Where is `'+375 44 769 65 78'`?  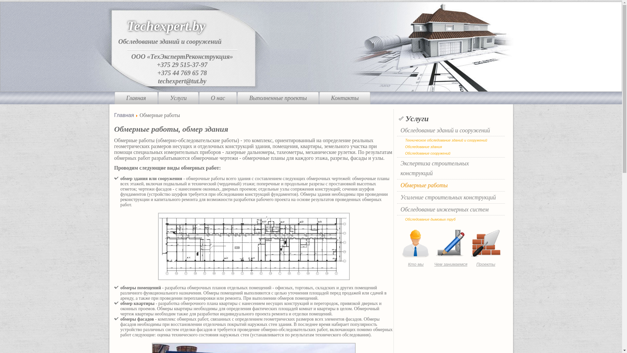 '+375 44 769 65 78' is located at coordinates (157, 73).